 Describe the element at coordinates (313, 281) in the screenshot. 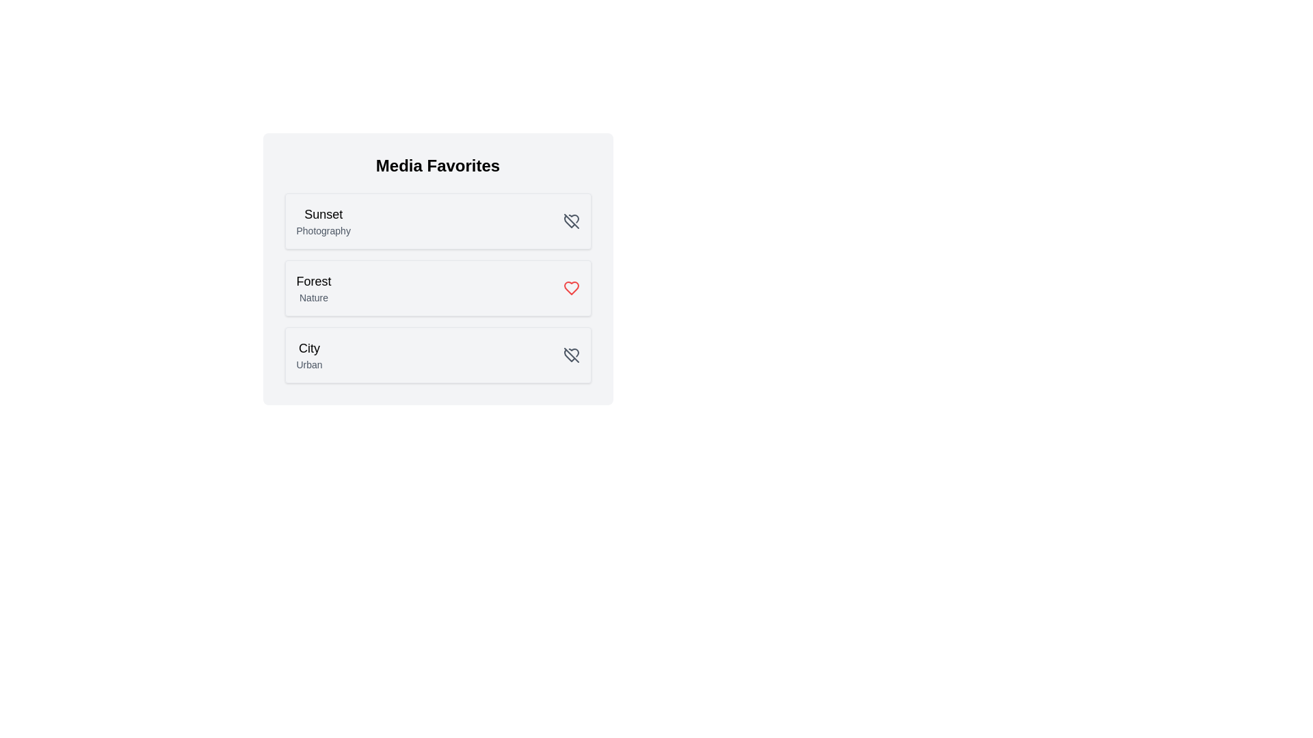

I see `the media item with name Forest to read its name and category` at that location.